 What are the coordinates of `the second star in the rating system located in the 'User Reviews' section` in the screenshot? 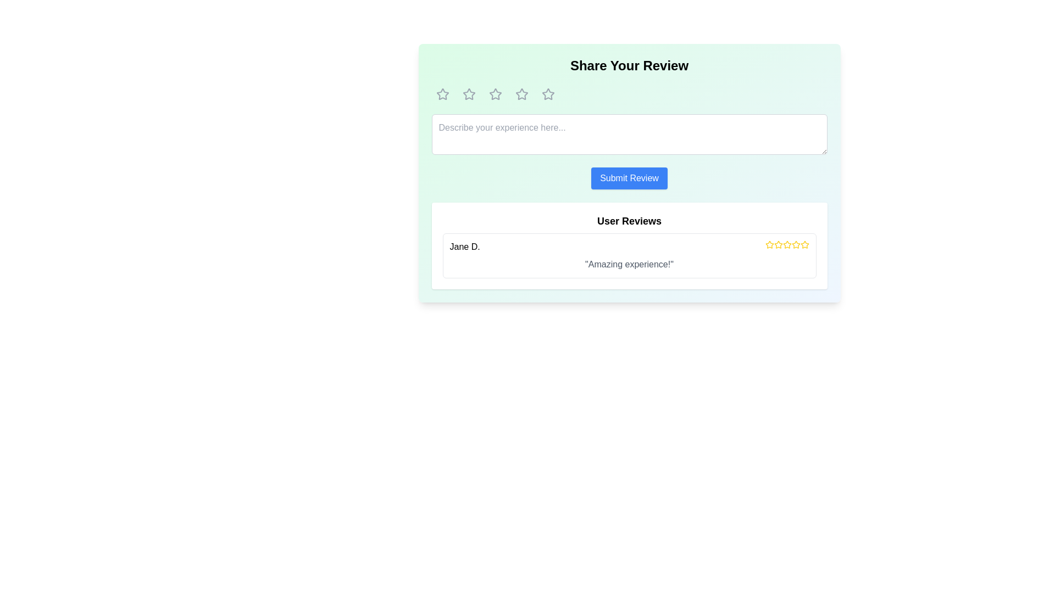 It's located at (778, 243).